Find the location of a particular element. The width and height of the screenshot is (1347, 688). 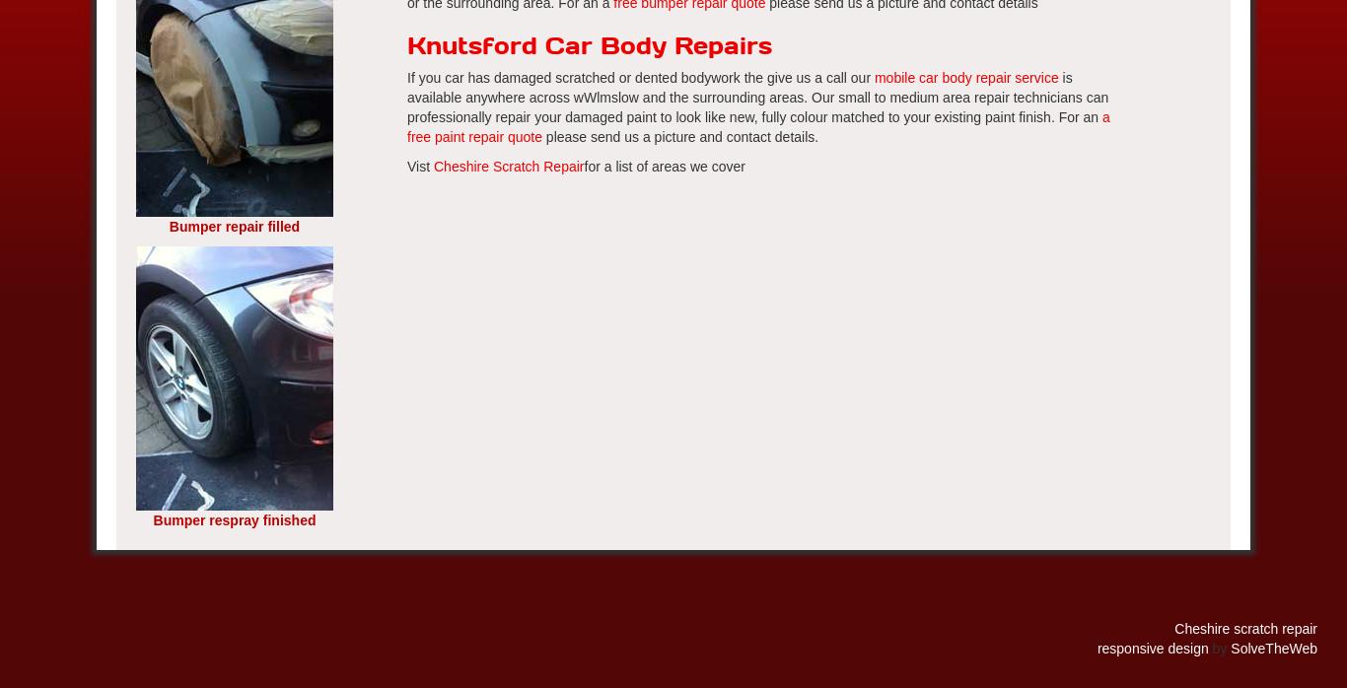

'responsive design' is located at coordinates (1096, 648).